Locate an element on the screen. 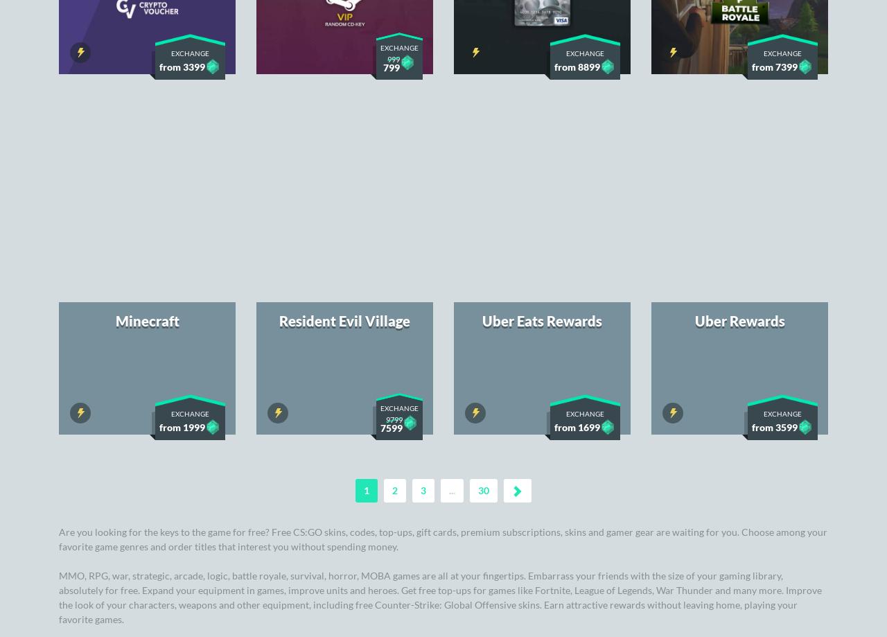  'The merchants represented are not sponsors of the rewards or otherwise affiliated with Gaming Sp. z o. o. The logos or other identifying marks attached are trademarks of and owned by each represented company and/or its affiliates. Please visit each company's website for additional terms and conditions.' is located at coordinates (443, 503).